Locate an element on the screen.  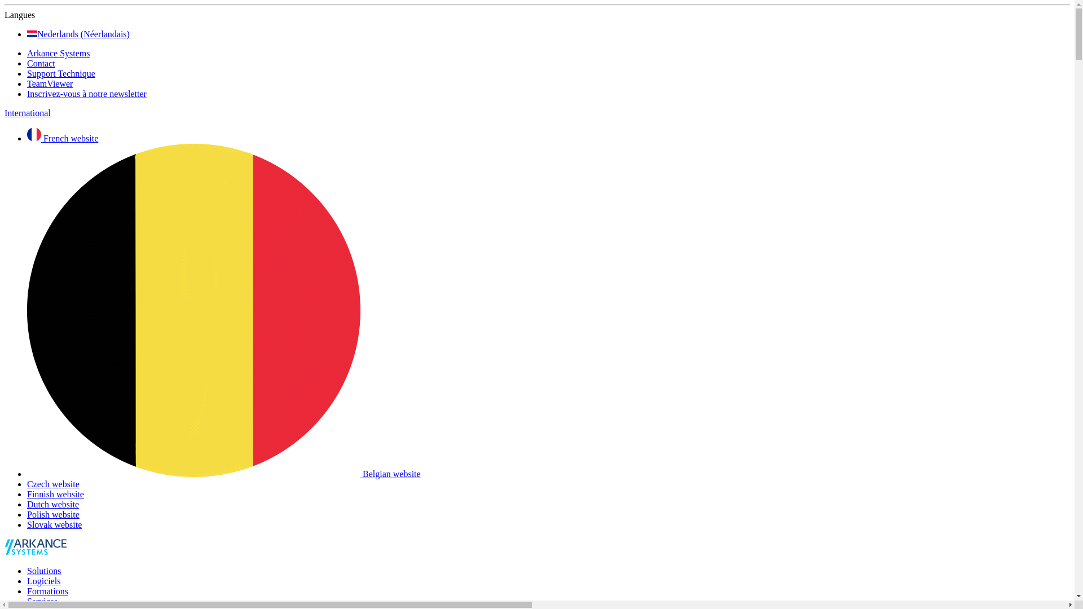
'Services' is located at coordinates (27, 601).